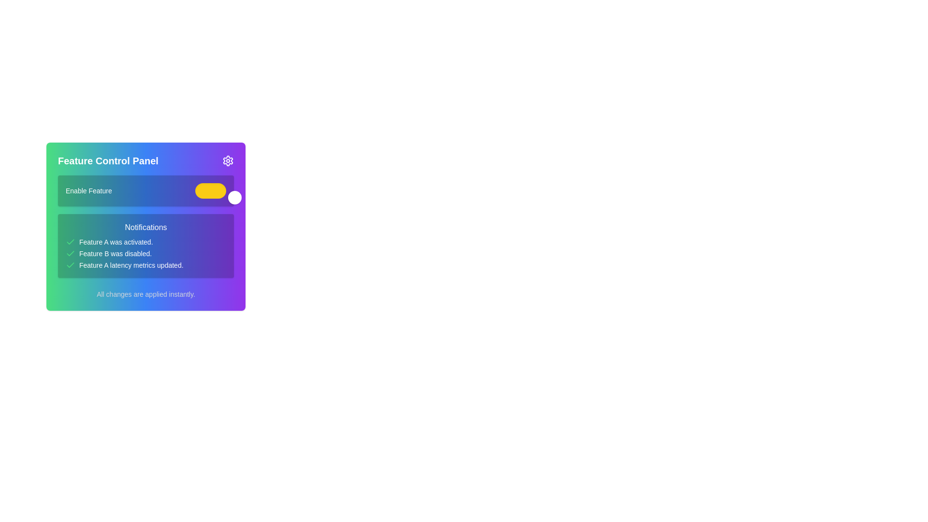 This screenshot has width=928, height=522. Describe the element at coordinates (108, 160) in the screenshot. I see `the text label displaying 'Feature Control Panel', which is styled in bold and large font with a gradient background from green to blue, located in the top-left section of a panel` at that location.